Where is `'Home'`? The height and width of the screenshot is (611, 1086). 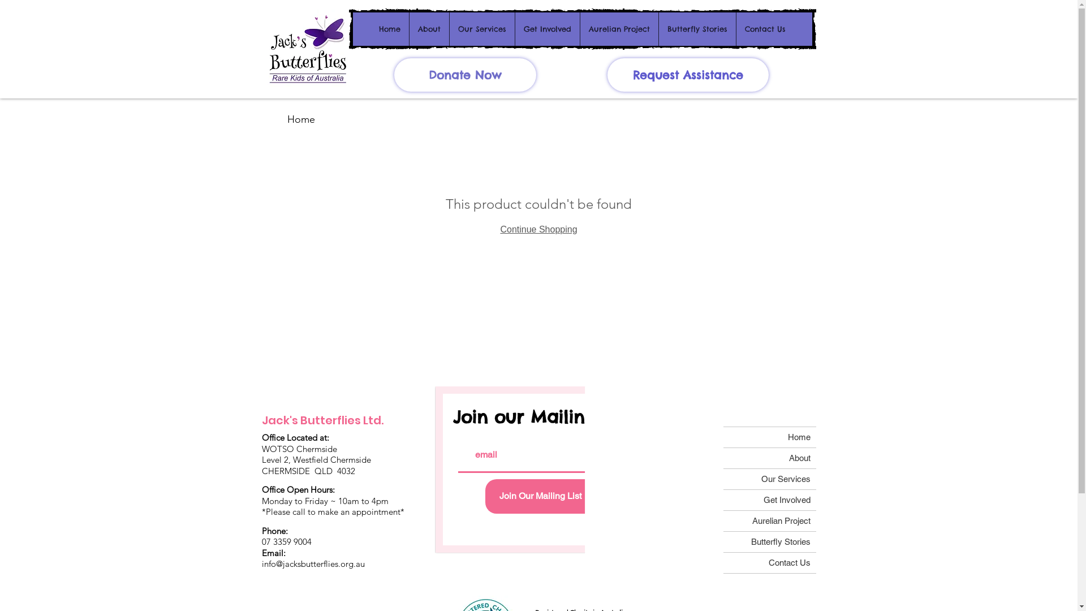
'Home' is located at coordinates (390, 28).